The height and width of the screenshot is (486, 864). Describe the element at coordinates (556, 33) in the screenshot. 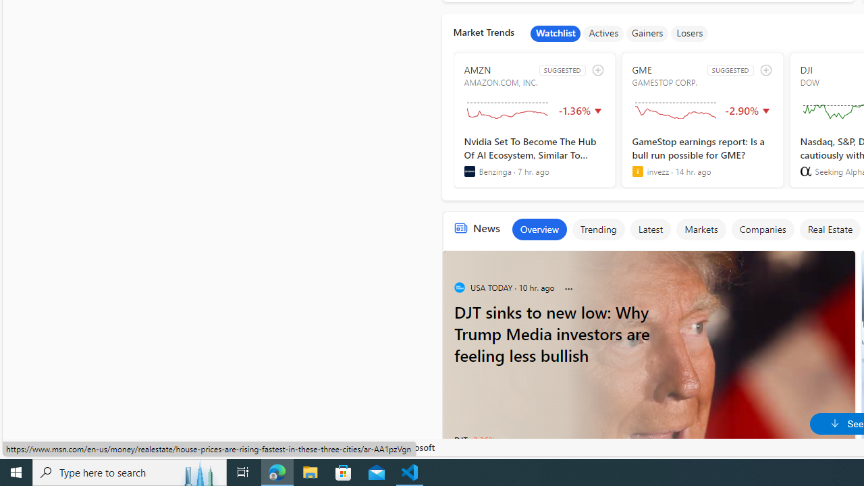

I see `'Watchlist'` at that location.